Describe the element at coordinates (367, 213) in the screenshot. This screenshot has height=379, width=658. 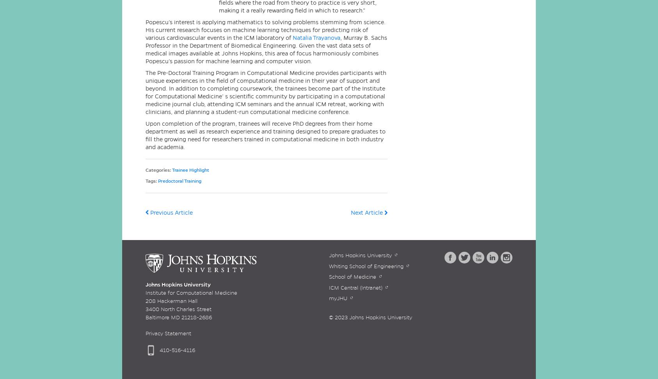
I see `'Next Article'` at that location.